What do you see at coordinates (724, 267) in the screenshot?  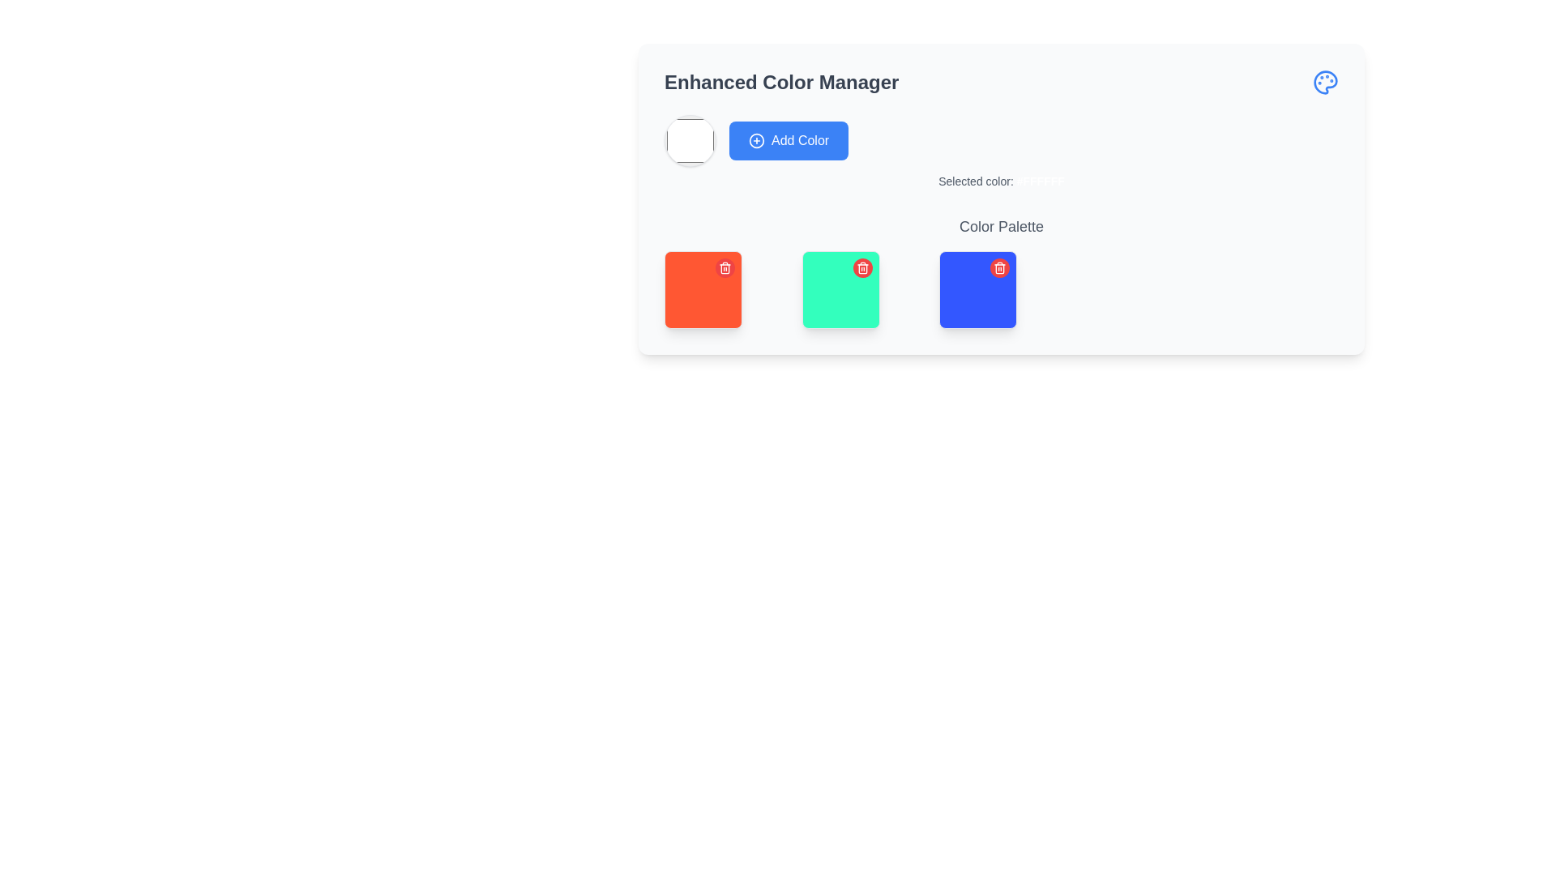 I see `the circular red button with a trash bin icon located in the top-right corner of the leftmost red color swatch in the 'Color Palette' section` at bounding box center [724, 267].